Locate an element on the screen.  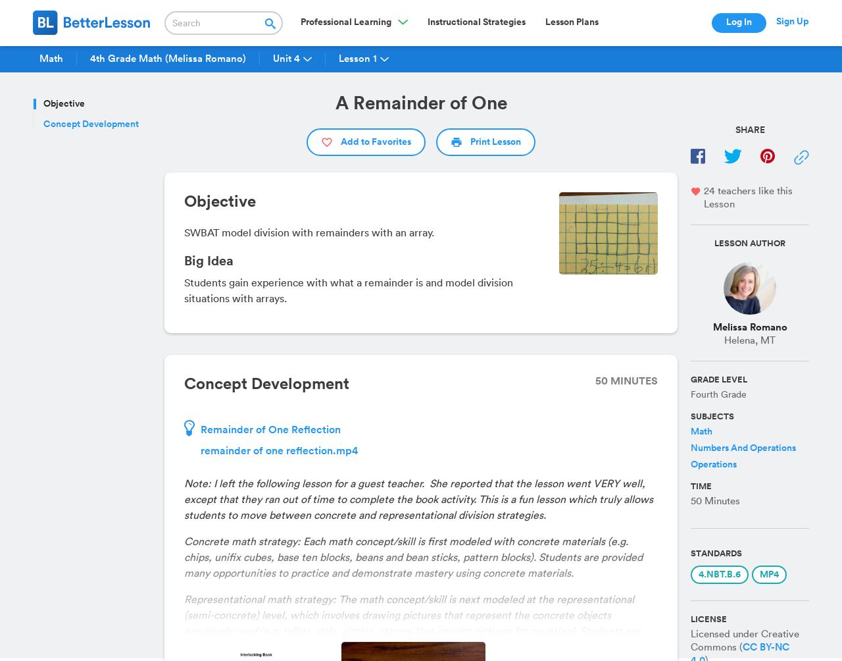
'SWBAT model division with remainders with an array.' is located at coordinates (309, 233).